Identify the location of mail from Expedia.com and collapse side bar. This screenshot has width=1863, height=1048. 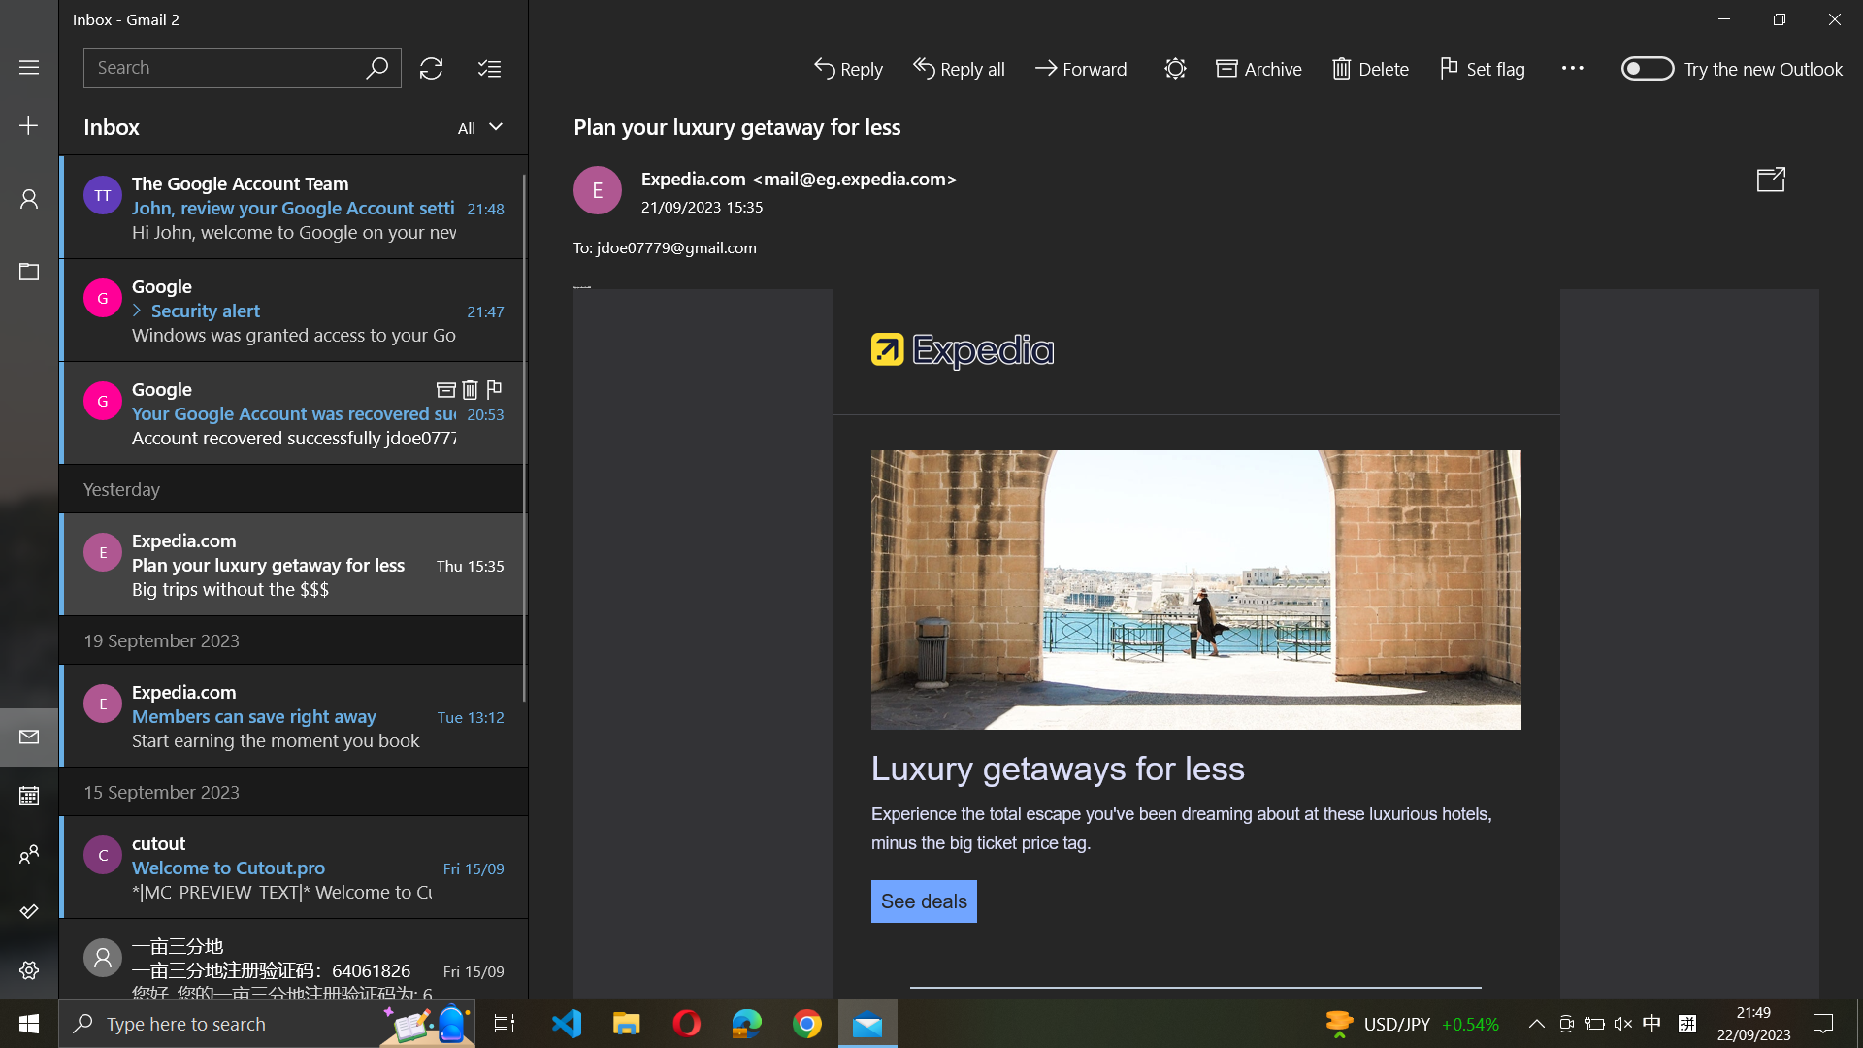
(291, 562).